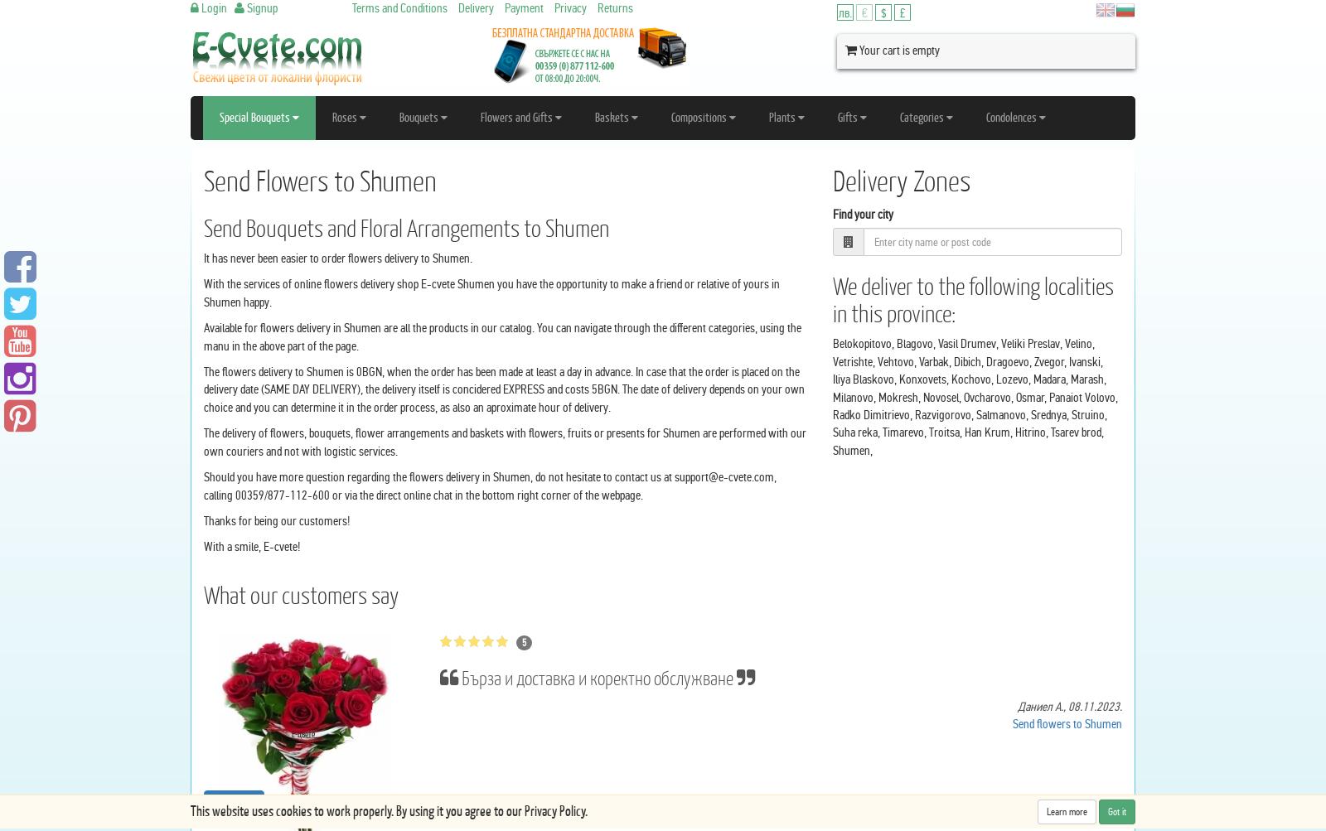 This screenshot has width=1326, height=831. Describe the element at coordinates (504, 389) in the screenshot. I see `'The flowers delivery to Shumen is 0BGN, when the order has been made at least a day in advance. In case that the order is placed on the delivery date (SAME DAY DELIVERY), the delivery itself is concidered EXPRESS and costs 5BGN. The date of delivery depends on your own choice and you can determine it in the order process, as also an aproximate hour of delivery.'` at that location.